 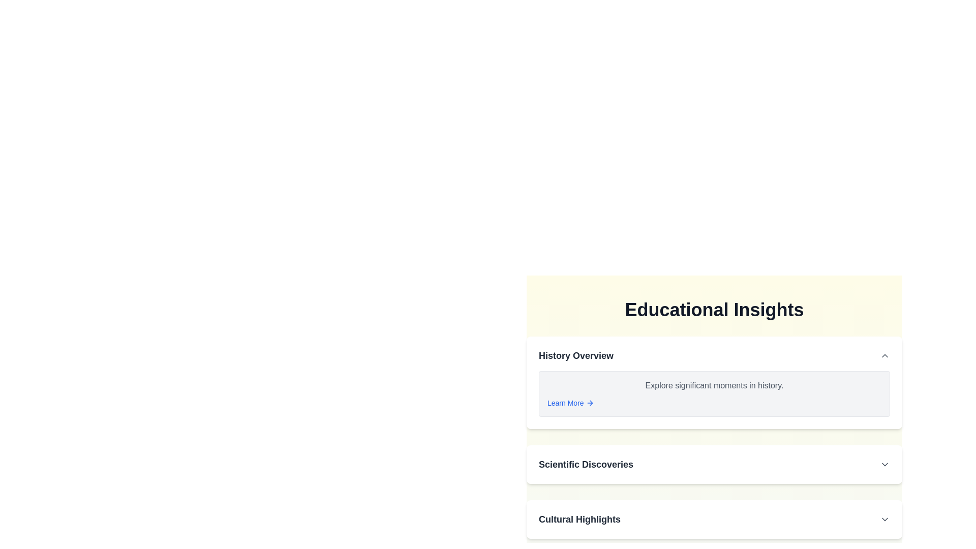 What do you see at coordinates (884, 465) in the screenshot?
I see `the Dropdown toggle button with a gray downward-pointing chevron icon located to the right of the 'Scientific Discoveries' text` at bounding box center [884, 465].